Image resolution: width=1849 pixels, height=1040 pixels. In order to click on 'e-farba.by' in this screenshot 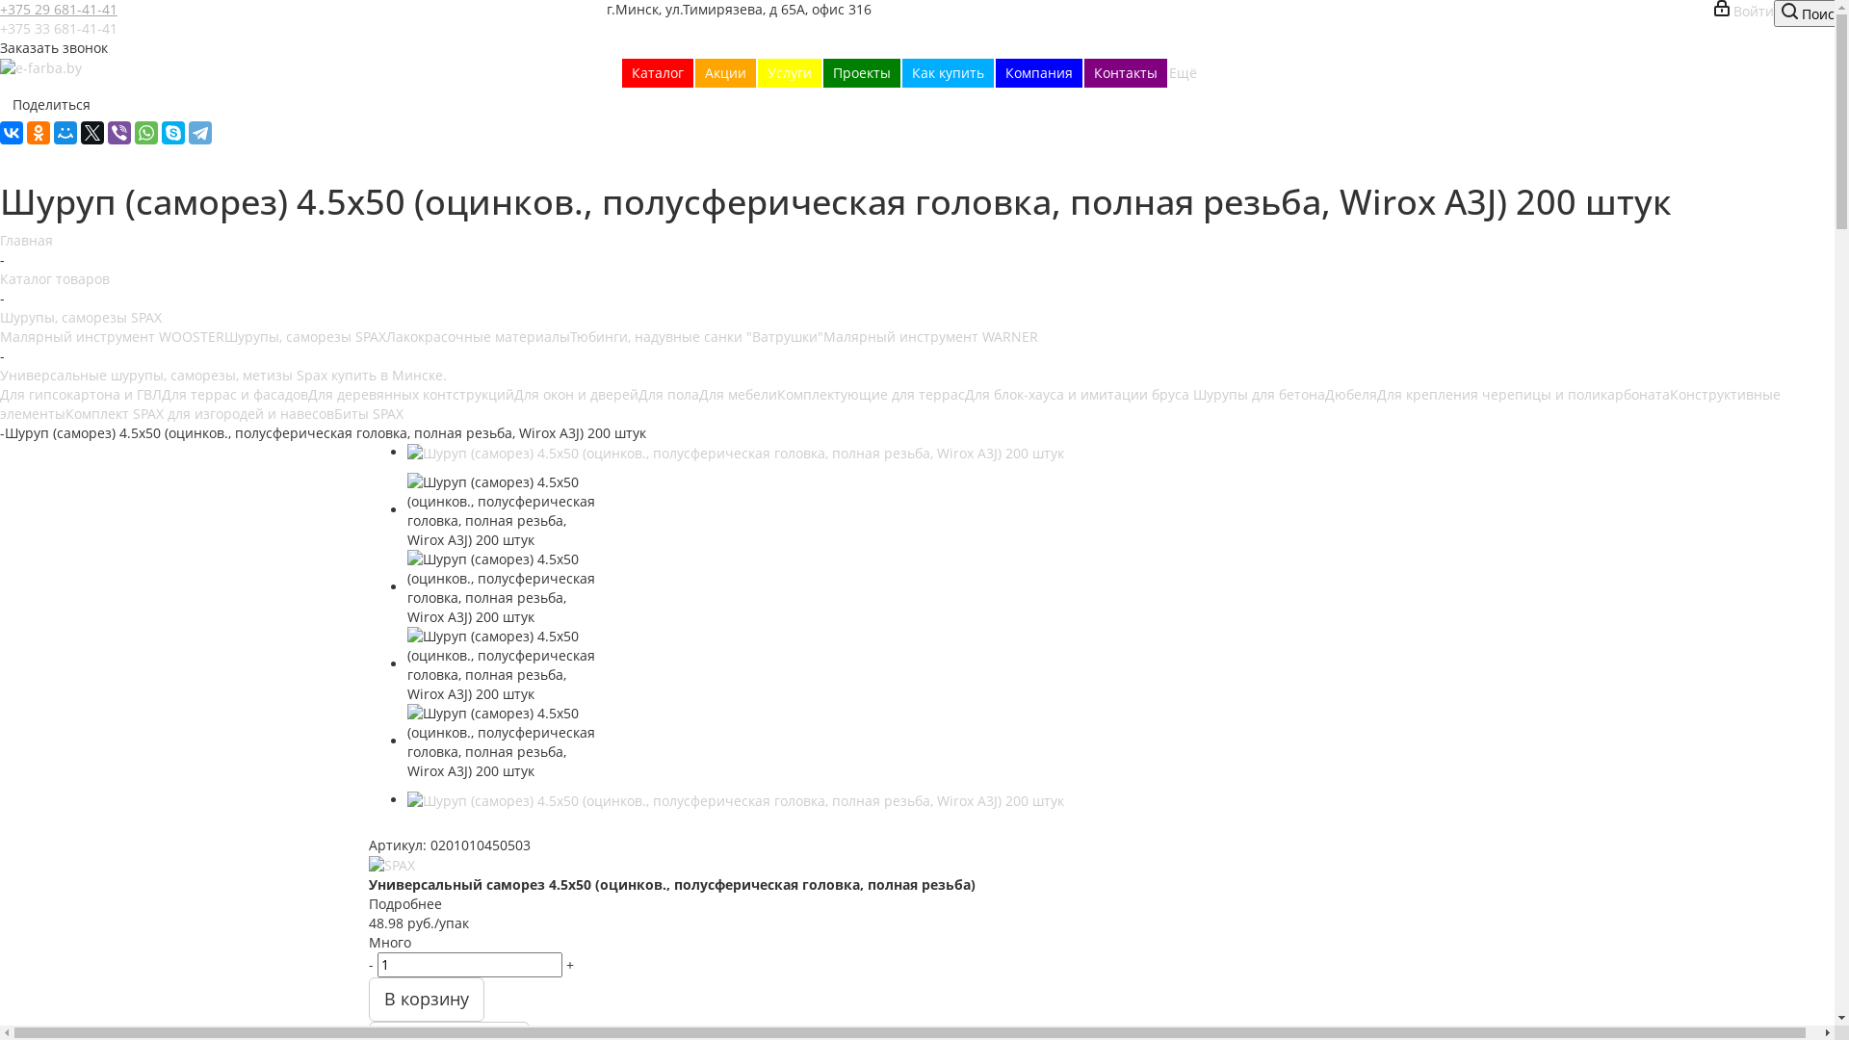, I will do `click(40, 66)`.